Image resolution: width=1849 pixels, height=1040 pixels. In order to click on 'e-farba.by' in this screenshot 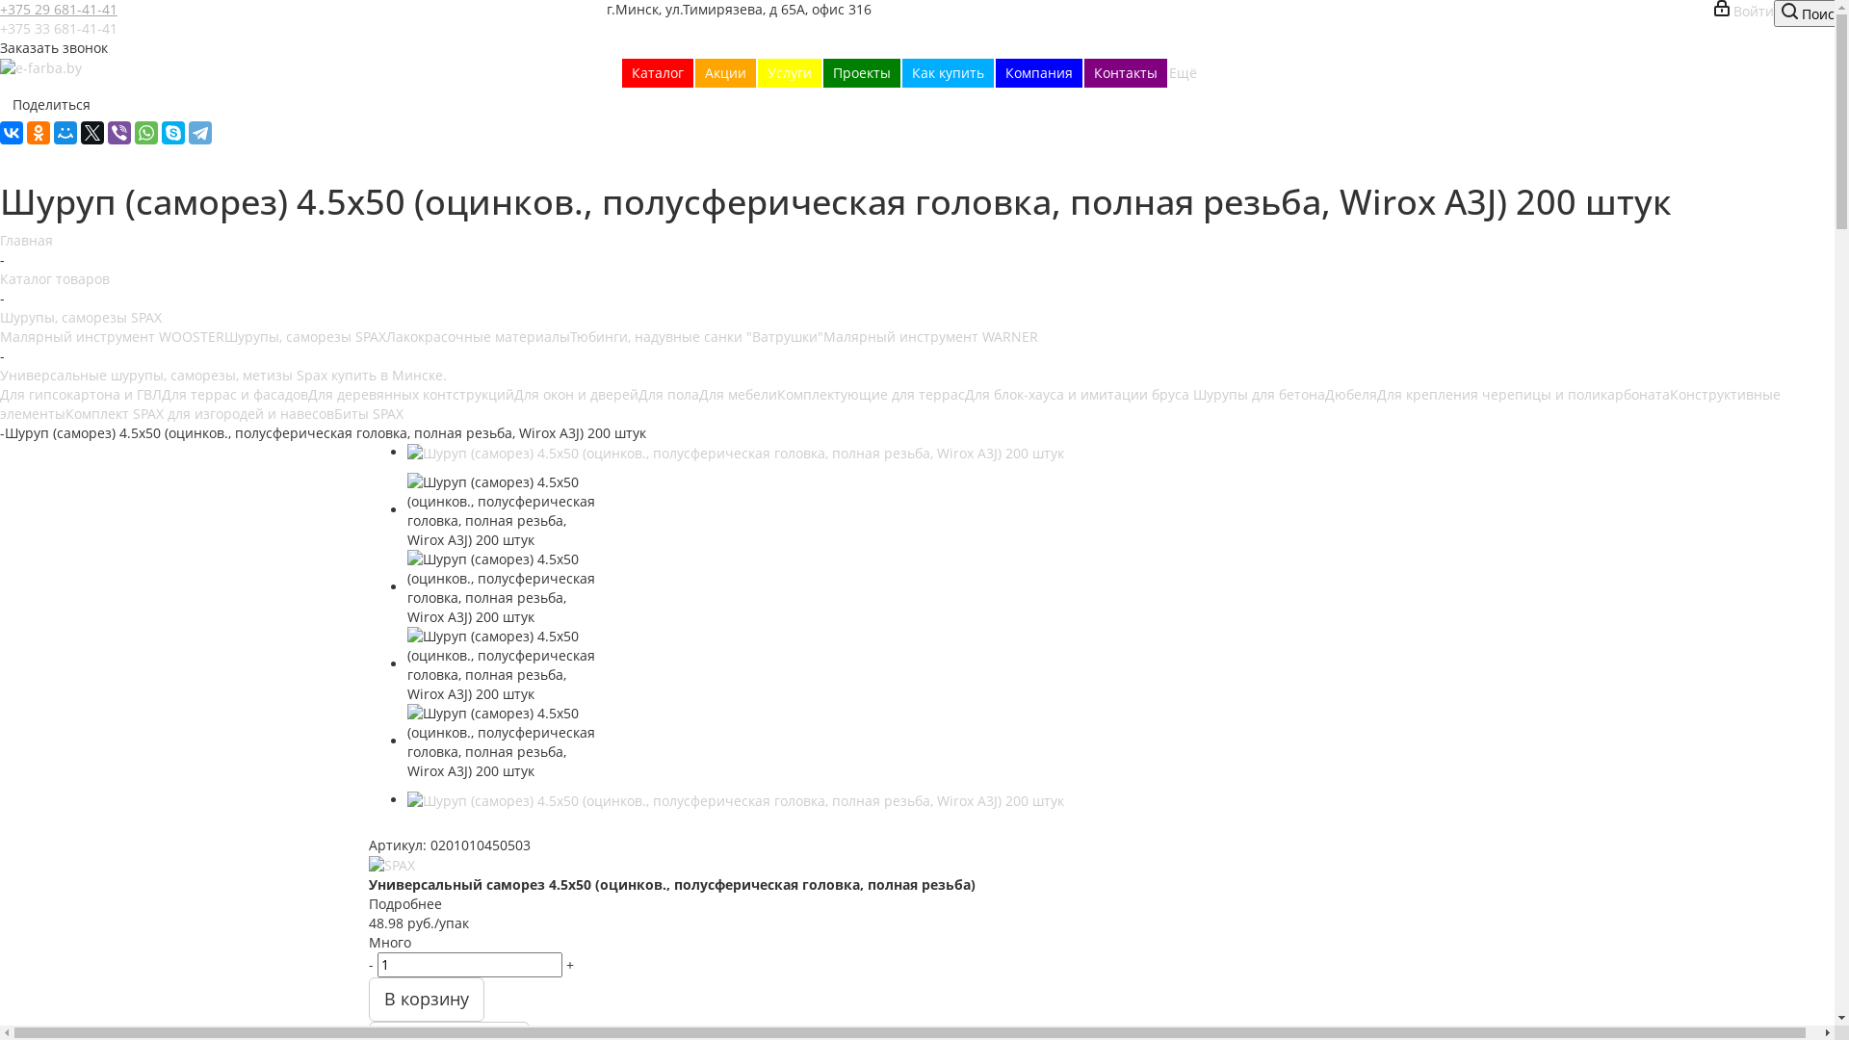, I will do `click(40, 66)`.